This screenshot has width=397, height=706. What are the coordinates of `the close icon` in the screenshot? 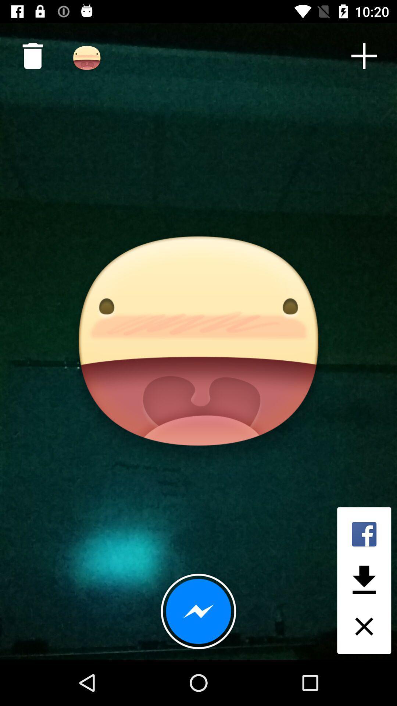 It's located at (364, 626).